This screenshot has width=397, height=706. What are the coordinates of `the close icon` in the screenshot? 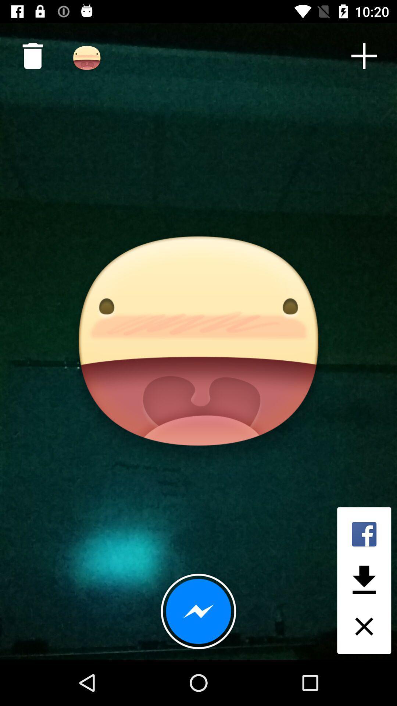 It's located at (364, 626).